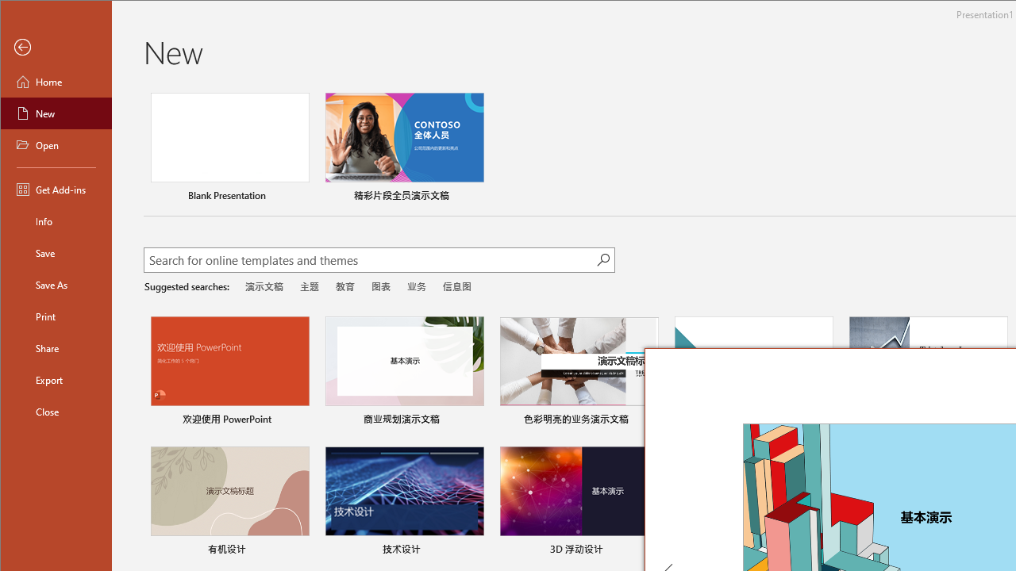  Describe the element at coordinates (370, 261) in the screenshot. I see `'Search for online templates and themes'` at that location.